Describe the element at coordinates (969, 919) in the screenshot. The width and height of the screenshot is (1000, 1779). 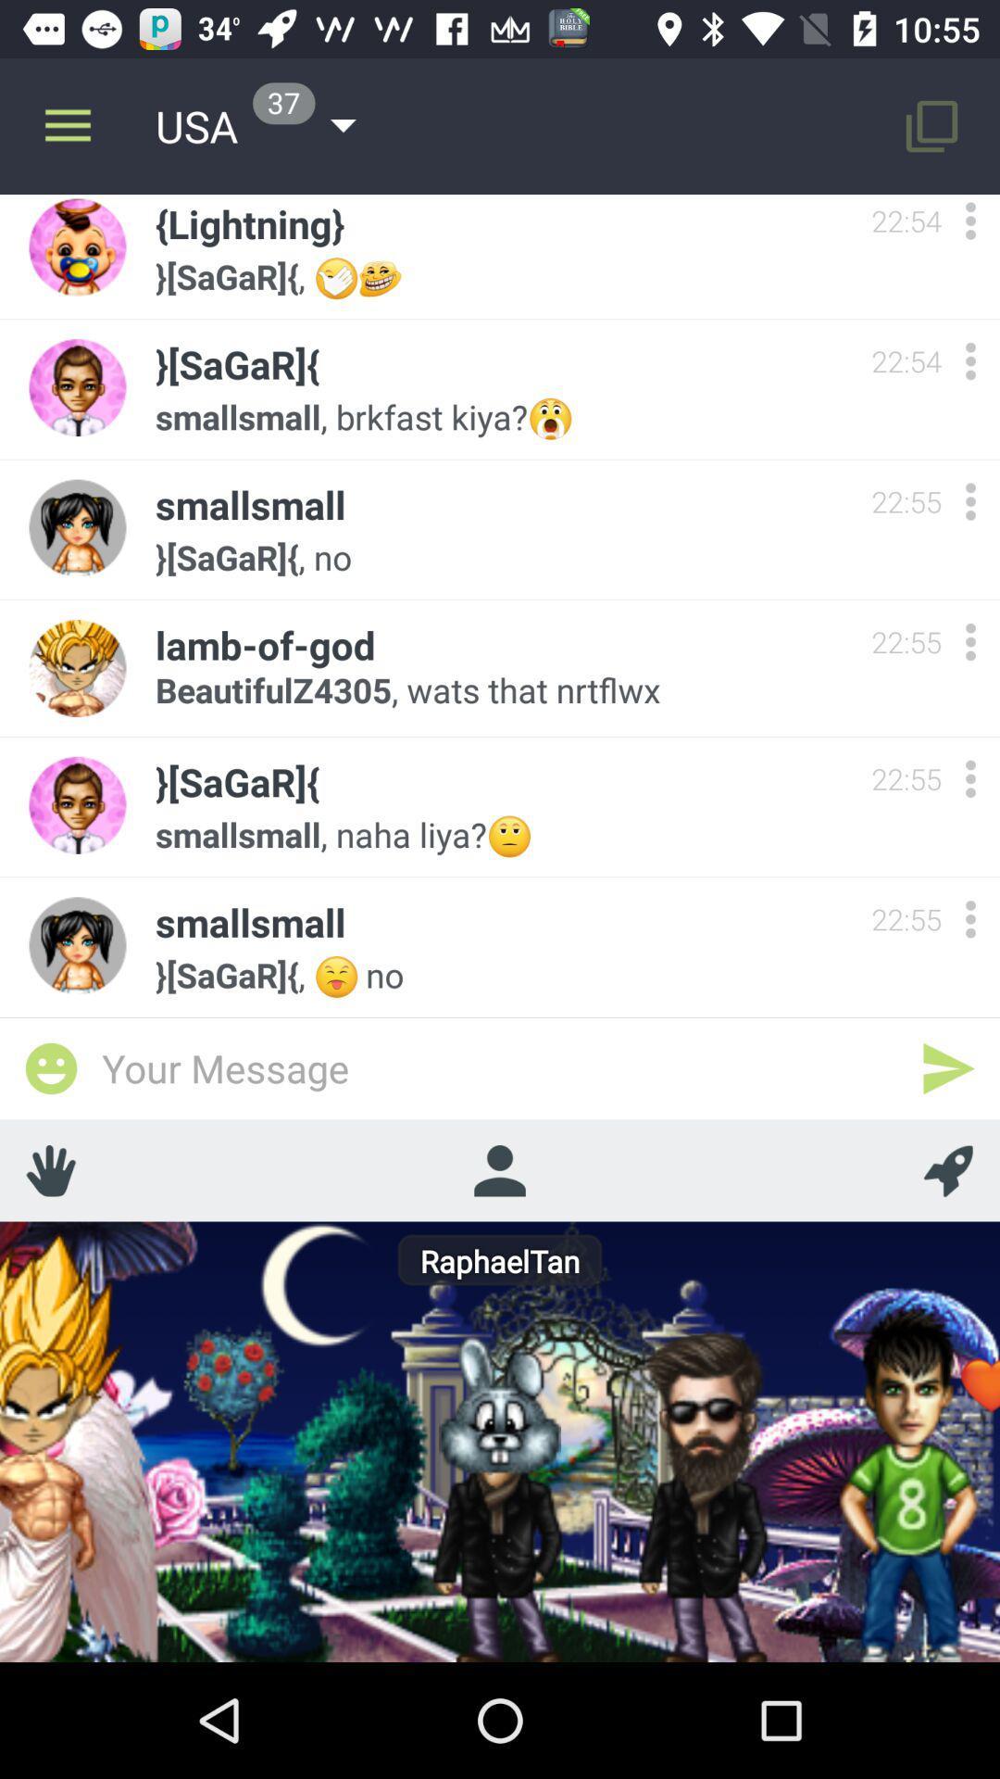
I see `menu option` at that location.